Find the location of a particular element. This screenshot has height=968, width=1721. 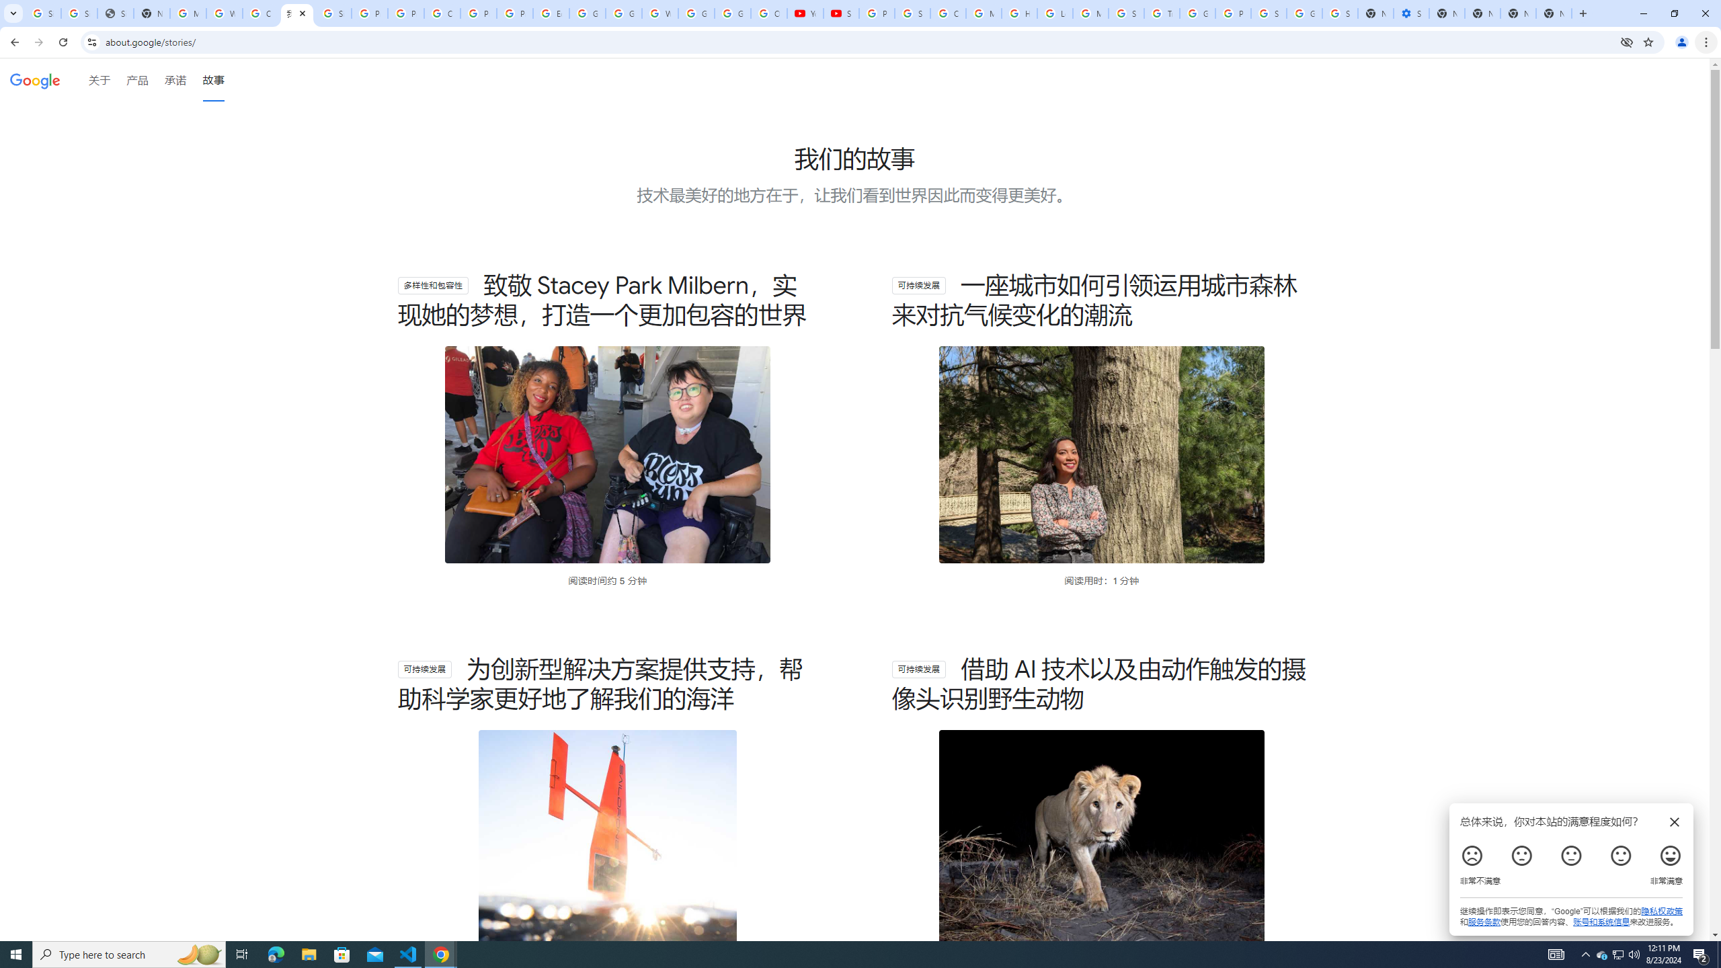

'Google Slides: Sign-in' is located at coordinates (586, 13).